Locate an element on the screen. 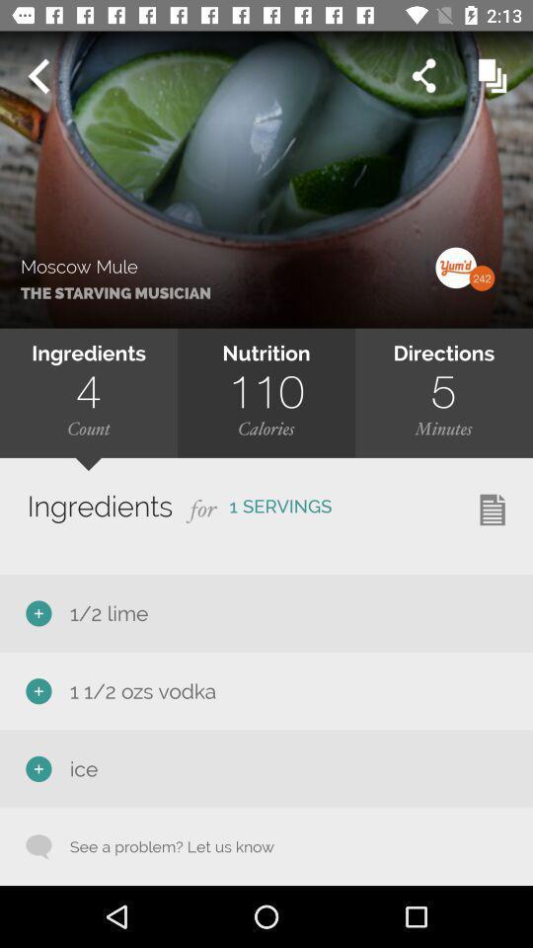 The height and width of the screenshot is (948, 533). previous is located at coordinates (38, 76).